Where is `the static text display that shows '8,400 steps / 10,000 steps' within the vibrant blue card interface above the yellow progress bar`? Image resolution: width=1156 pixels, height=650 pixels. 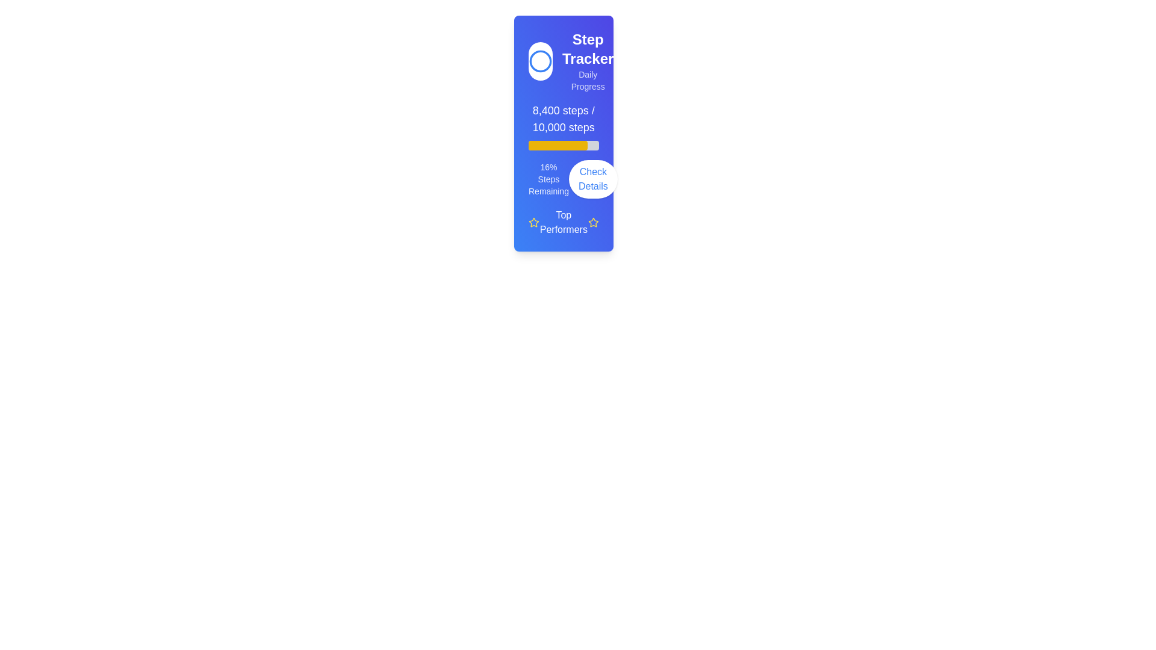
the static text display that shows '8,400 steps / 10,000 steps' within the vibrant blue card interface above the yellow progress bar is located at coordinates (563, 119).